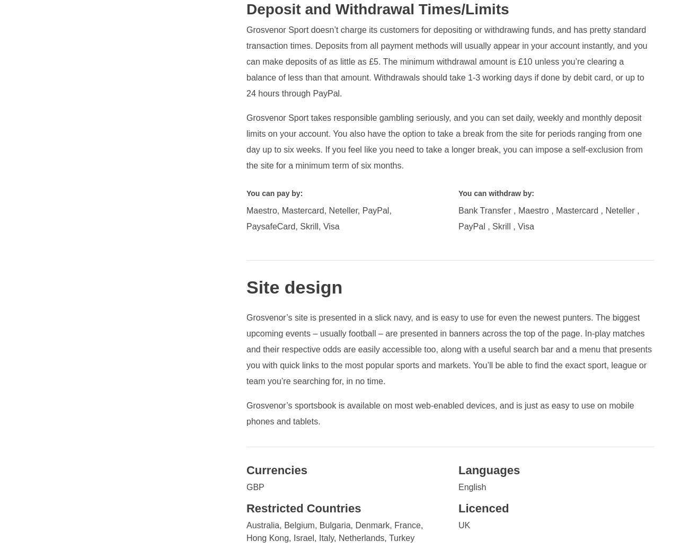 Image resolution: width=689 pixels, height=550 pixels. Describe the element at coordinates (444, 141) in the screenshot. I see `'Grosvenor Sport takes responsible gambling seriously, and you can set daily, weekly and monthly deposit limits on your account. You also have the option to take a break from the site for periods ranging from one day up to six weeks. If you feel like you need to take a longer break, you can impose a self-exclusion from the site for a minimum term of six months.'` at that location.